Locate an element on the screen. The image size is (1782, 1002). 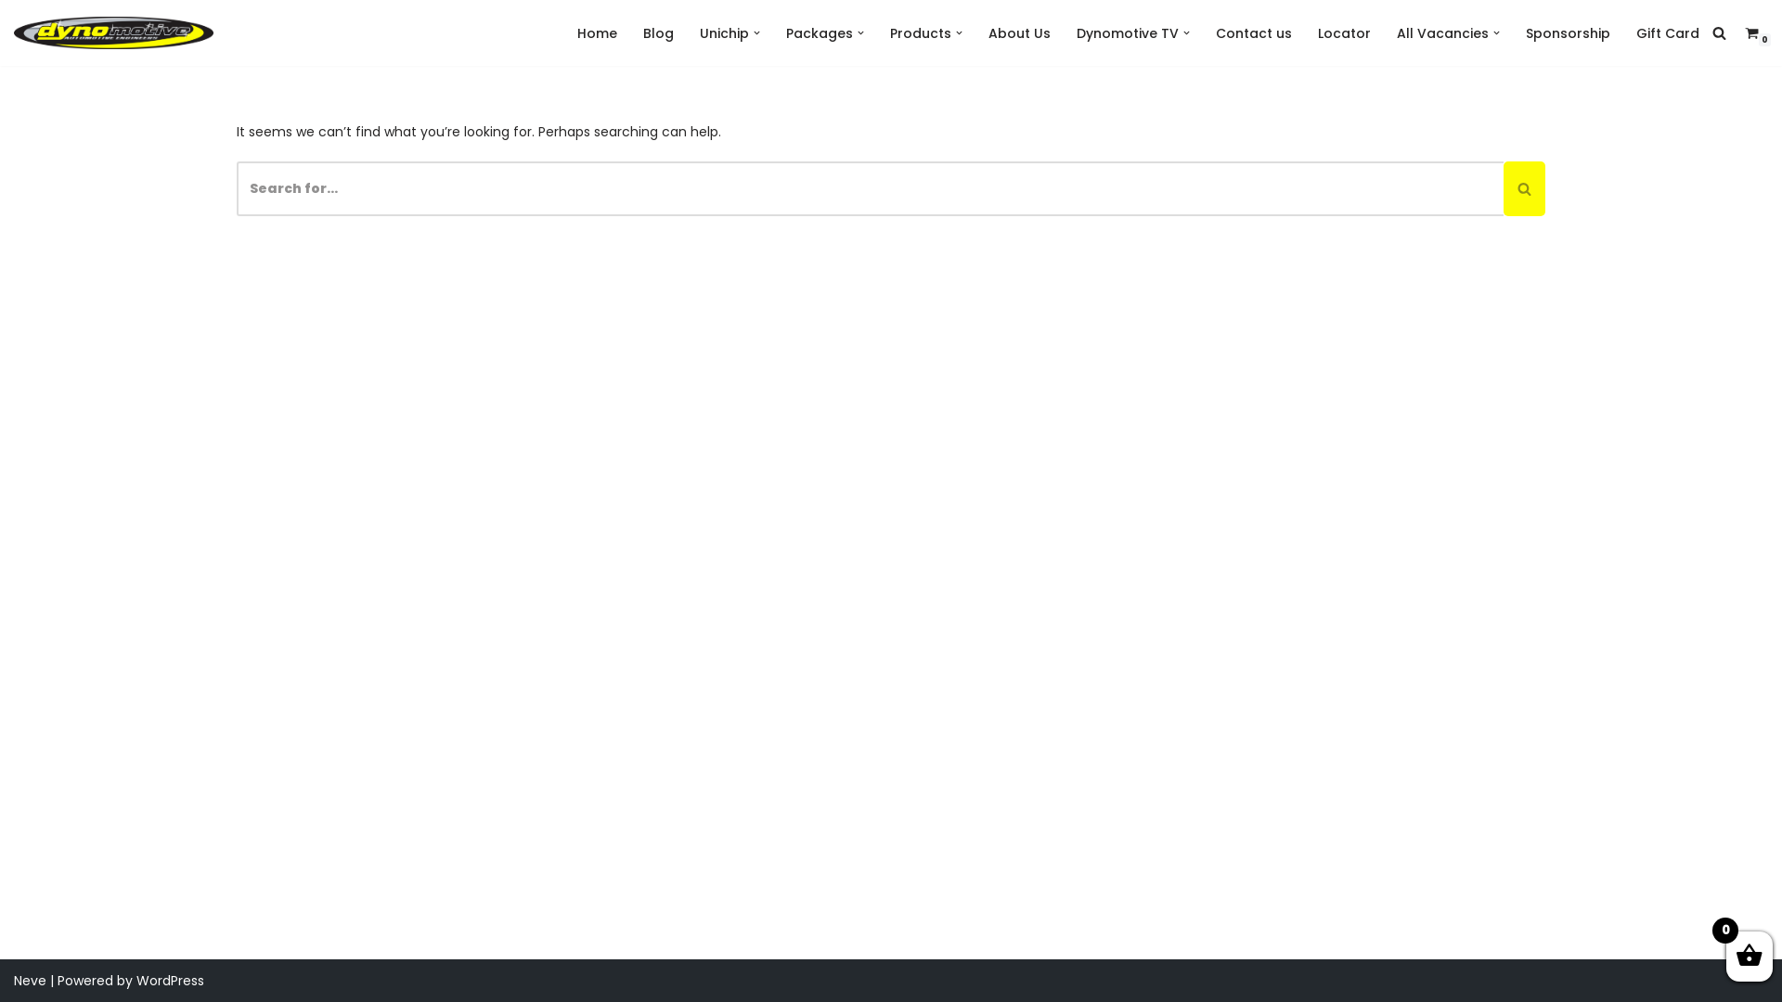
'Blog' is located at coordinates (658, 32).